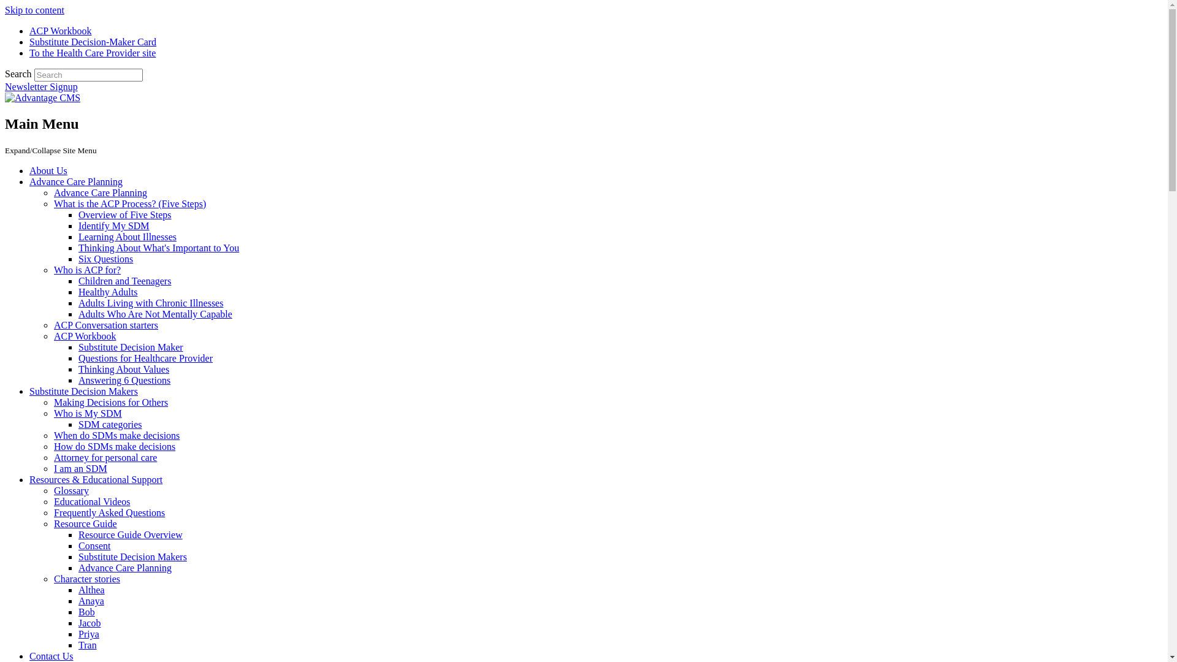 The width and height of the screenshot is (1177, 662). Describe the element at coordinates (78, 303) in the screenshot. I see `'Adults Living with Chronic Illnesses'` at that location.